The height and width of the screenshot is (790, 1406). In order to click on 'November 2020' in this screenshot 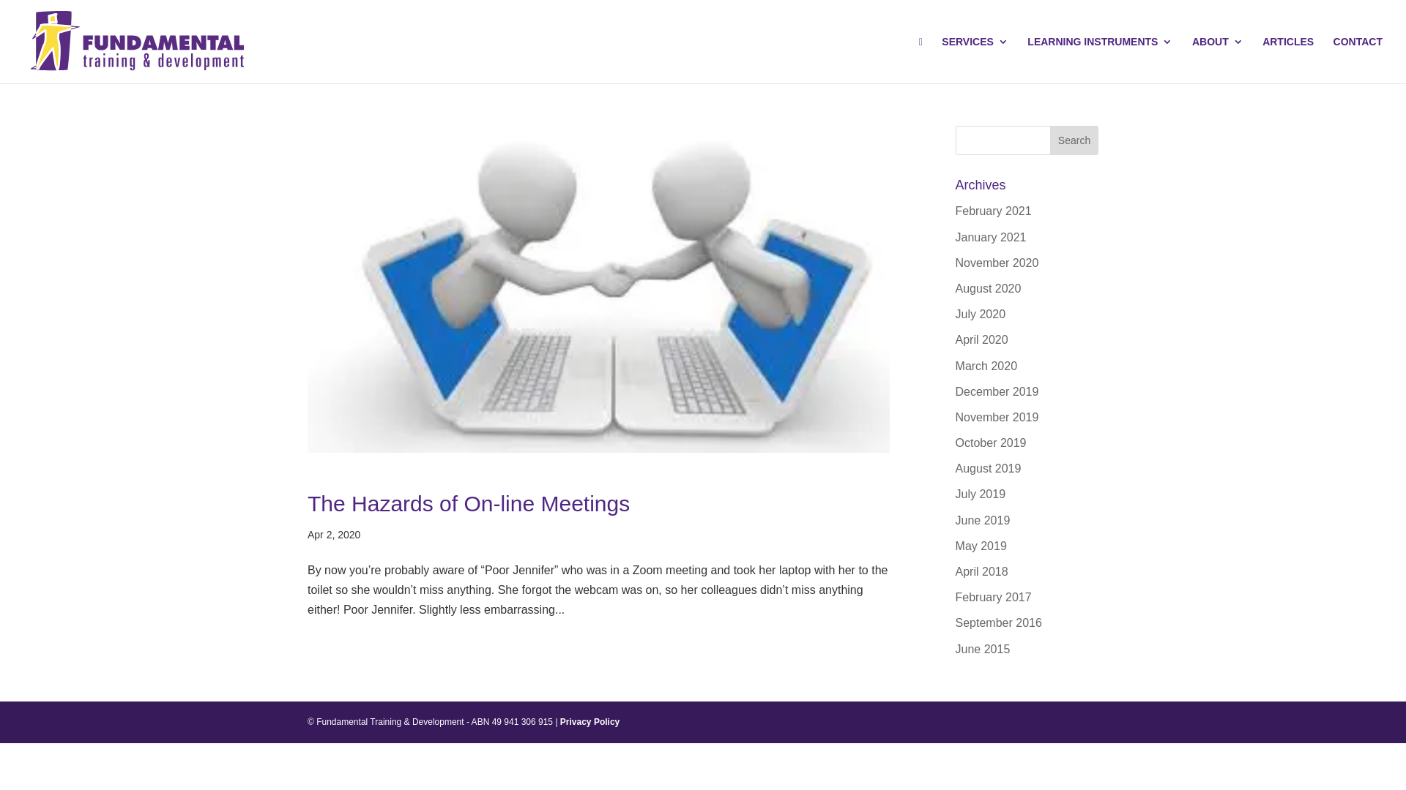, I will do `click(997, 262)`.